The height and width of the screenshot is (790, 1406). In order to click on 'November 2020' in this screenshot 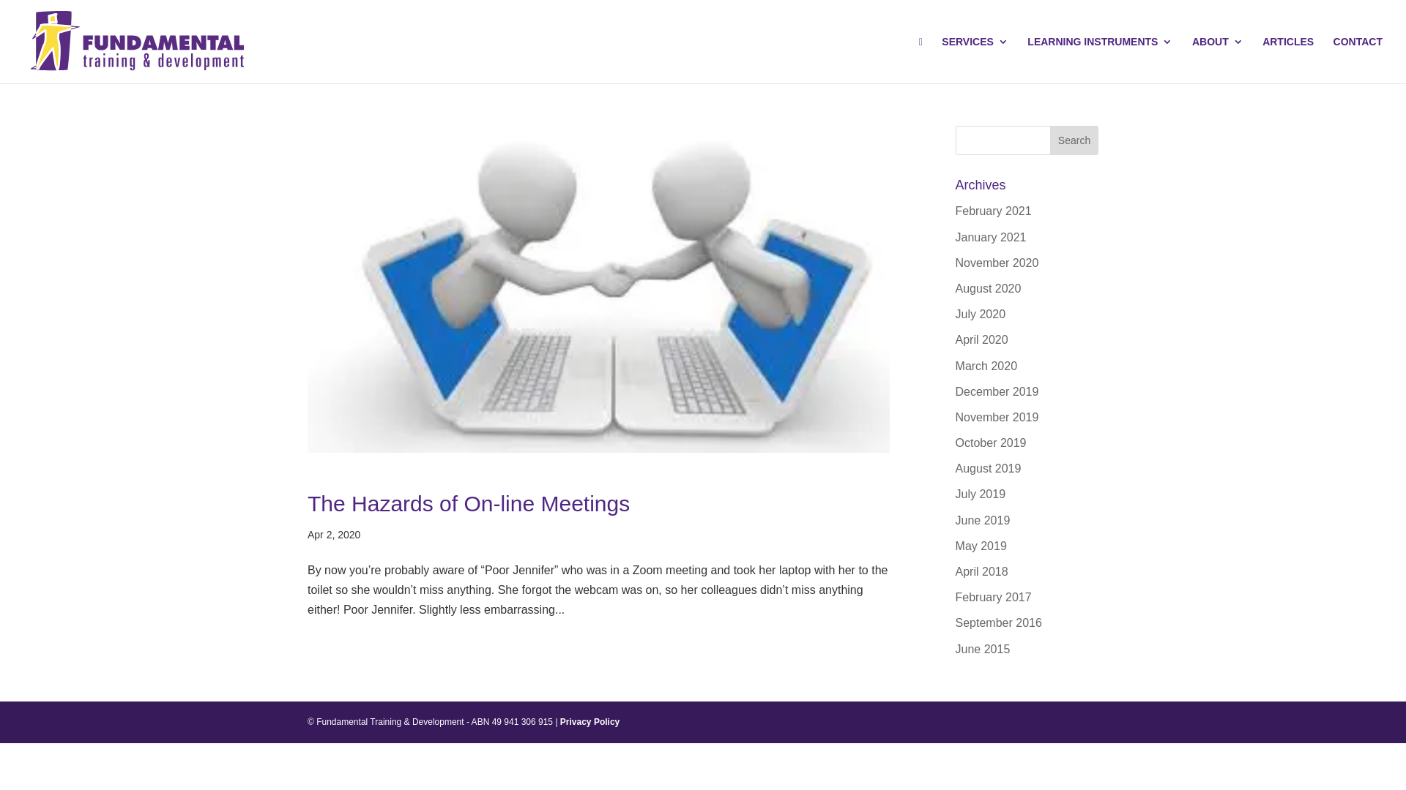, I will do `click(997, 262)`.